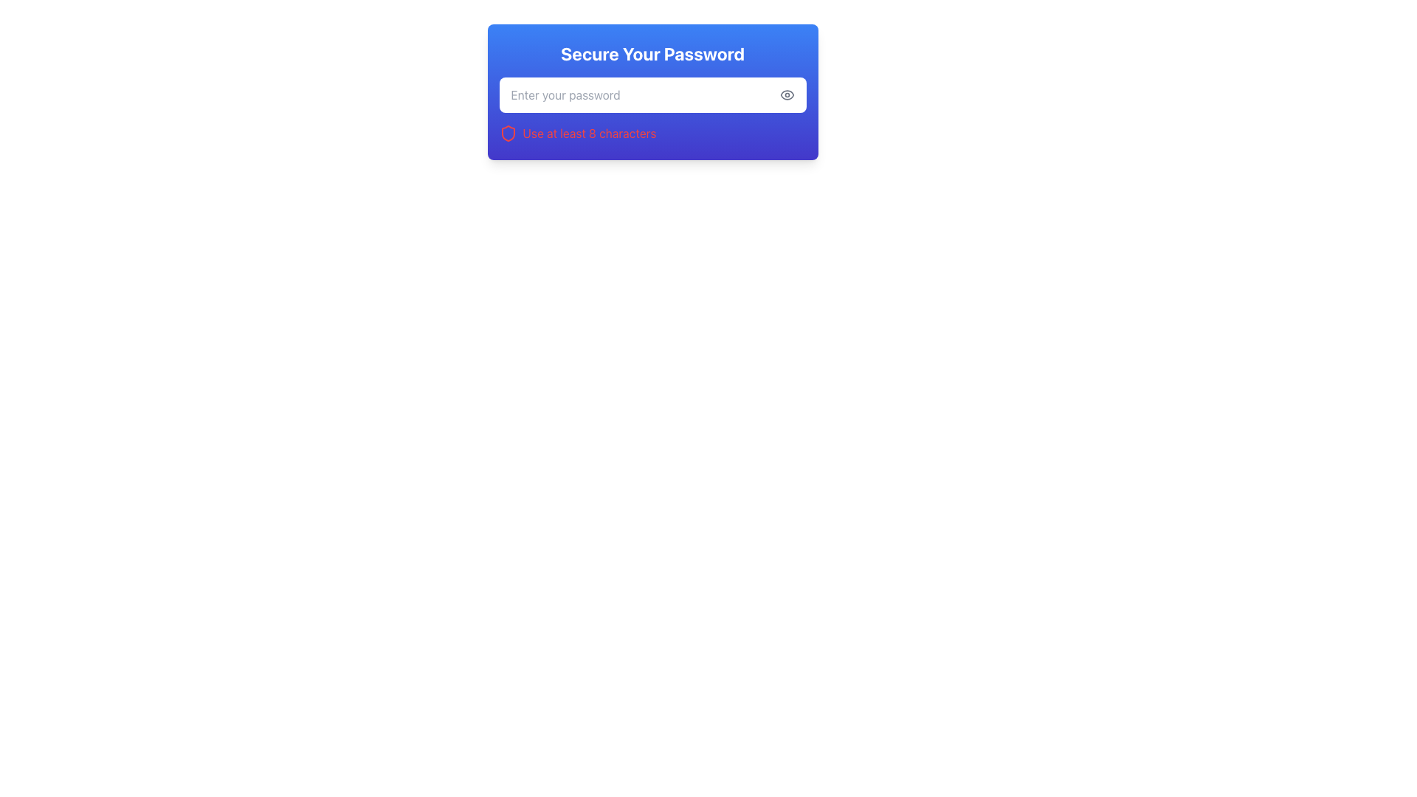 The width and height of the screenshot is (1417, 797). I want to click on the bold and large text heading displaying 'Secure Your Password' with a blue background, positioned above the input field within the blue card interface, so click(652, 53).